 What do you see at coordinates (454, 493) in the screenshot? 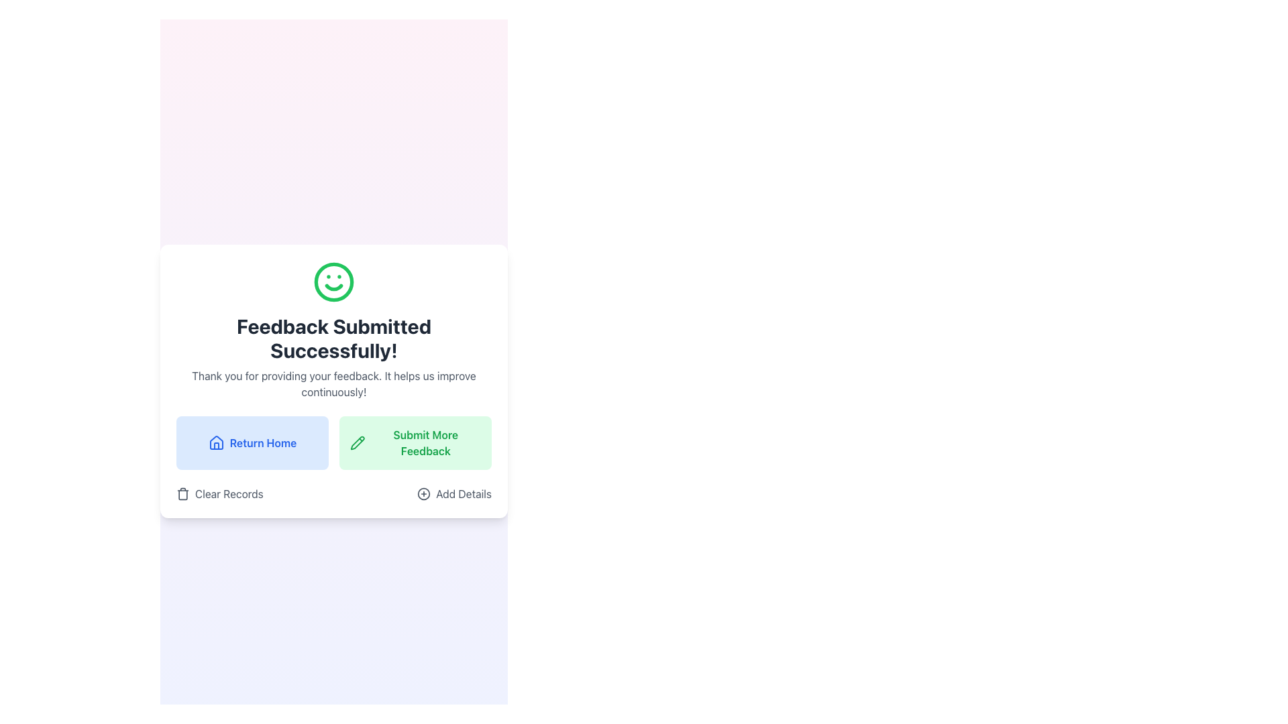
I see `the 'Add Details' button, which is styled gray and has a plus icon, located to the right of the 'Clear Records' button in the bottom-right area of the card layout` at bounding box center [454, 493].